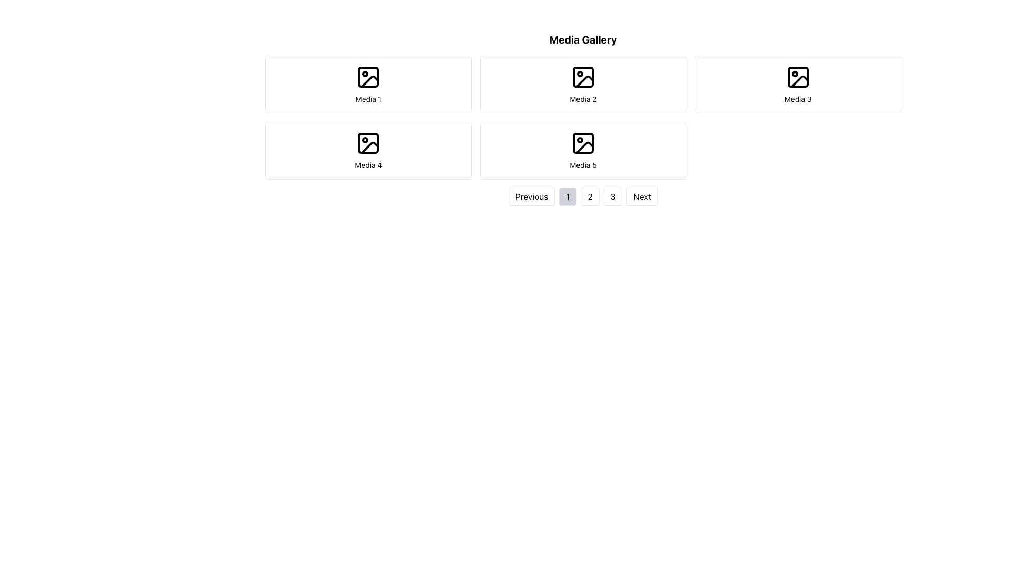 The width and height of the screenshot is (1009, 567). I want to click on the 'Media 4' tile component, so click(368, 150).